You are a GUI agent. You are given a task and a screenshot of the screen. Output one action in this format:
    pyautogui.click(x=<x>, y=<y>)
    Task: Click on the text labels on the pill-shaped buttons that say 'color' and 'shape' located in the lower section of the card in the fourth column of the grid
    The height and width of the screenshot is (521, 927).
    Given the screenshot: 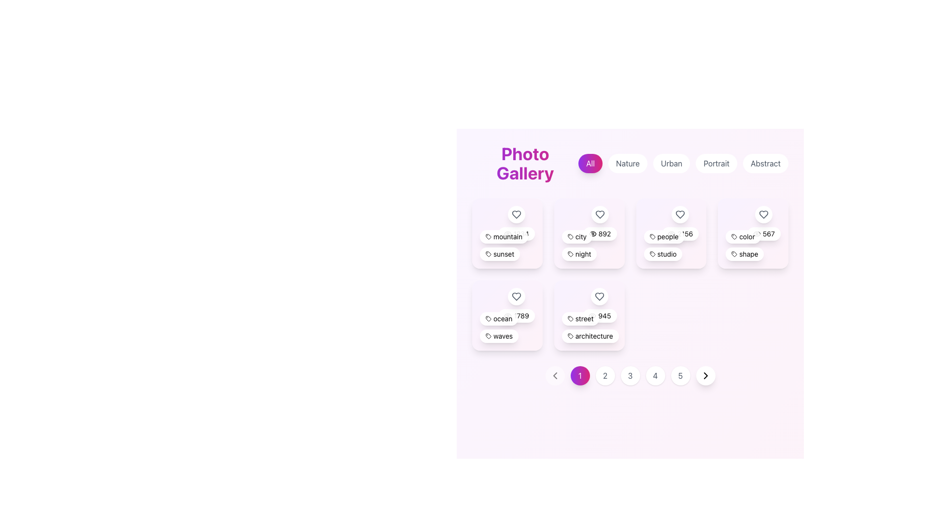 What is the action you would take?
    pyautogui.click(x=753, y=245)
    